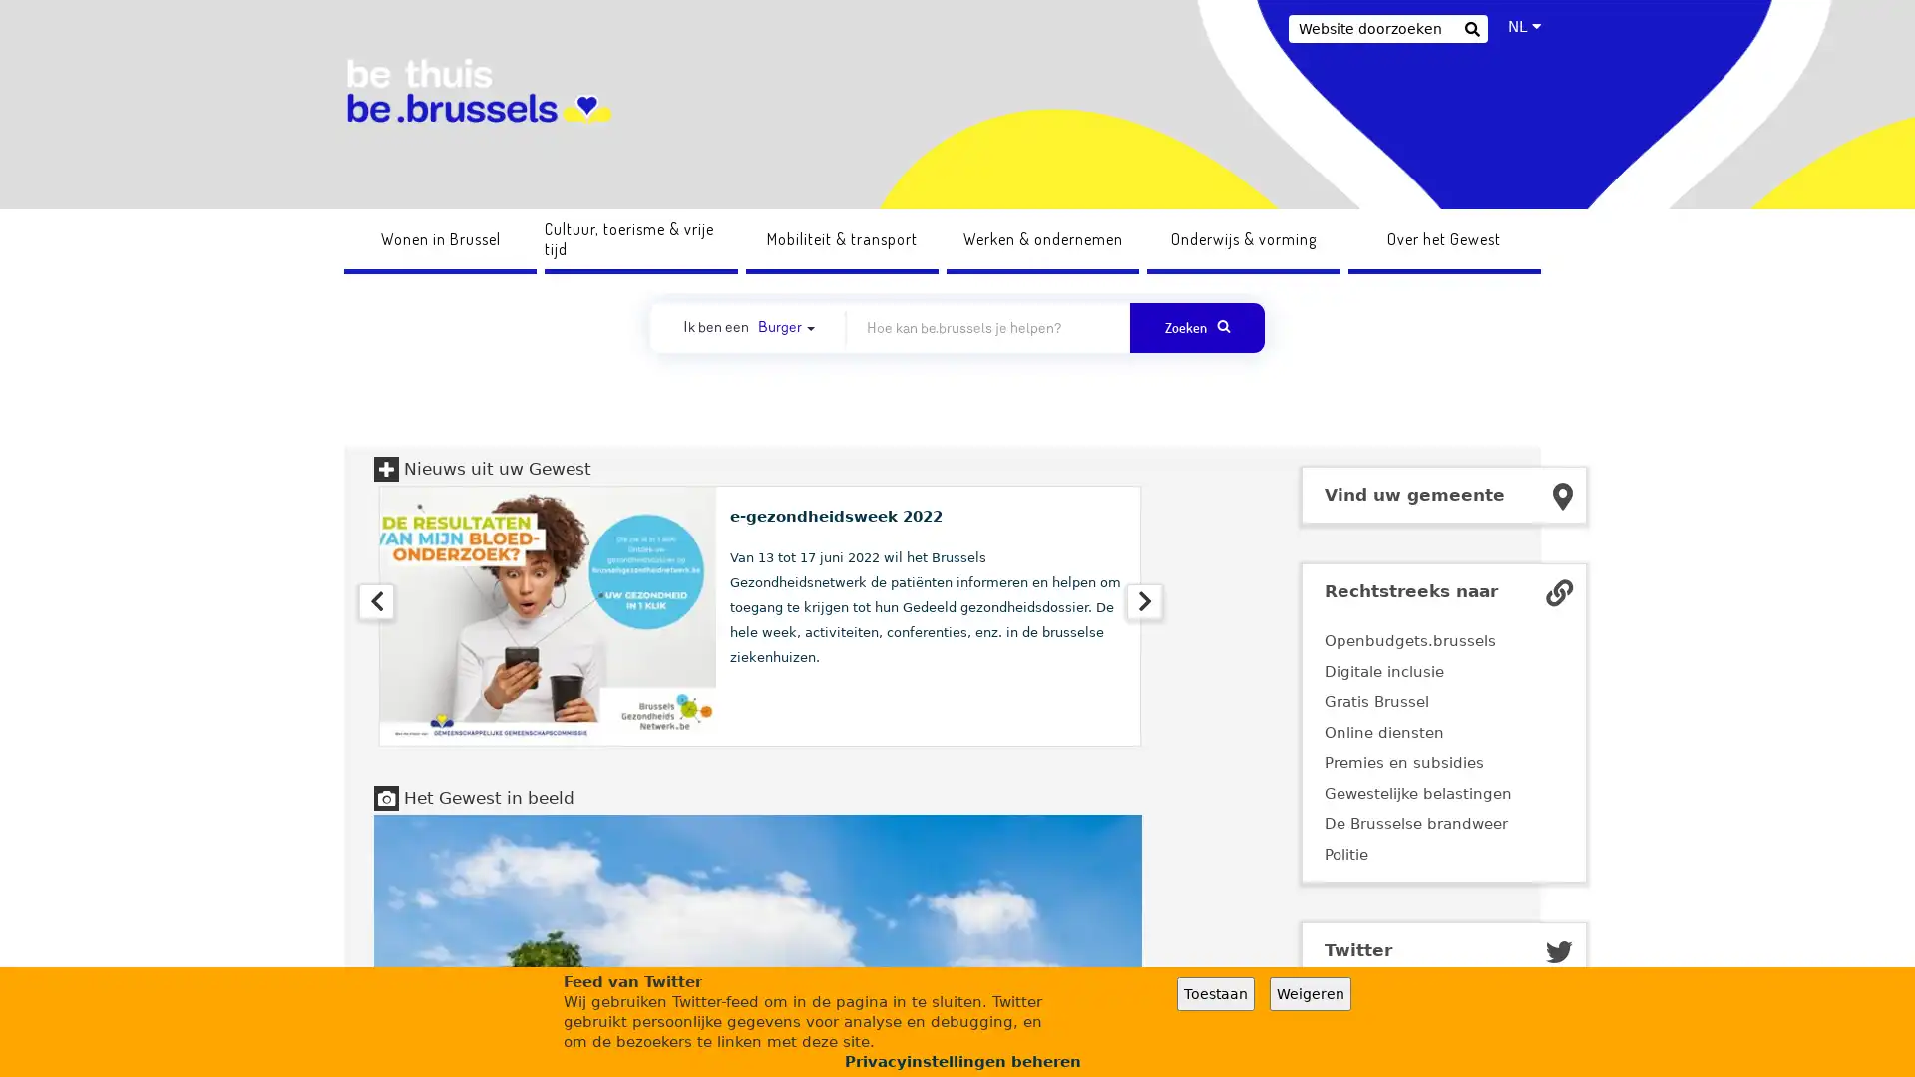 The height and width of the screenshot is (1077, 1915). I want to click on Doorzoeken, so click(1471, 31).